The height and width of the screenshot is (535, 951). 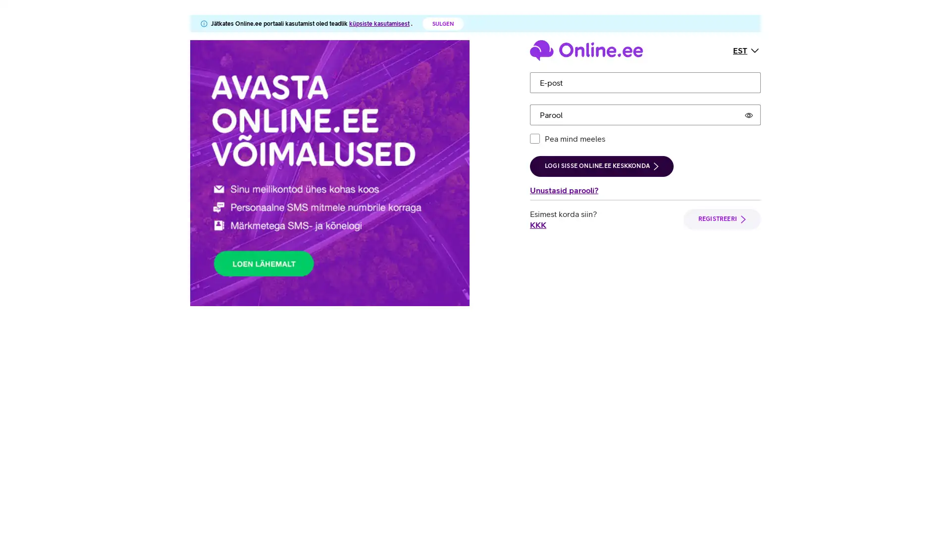 What do you see at coordinates (749, 114) in the screenshot?
I see `Naitan parooli` at bounding box center [749, 114].